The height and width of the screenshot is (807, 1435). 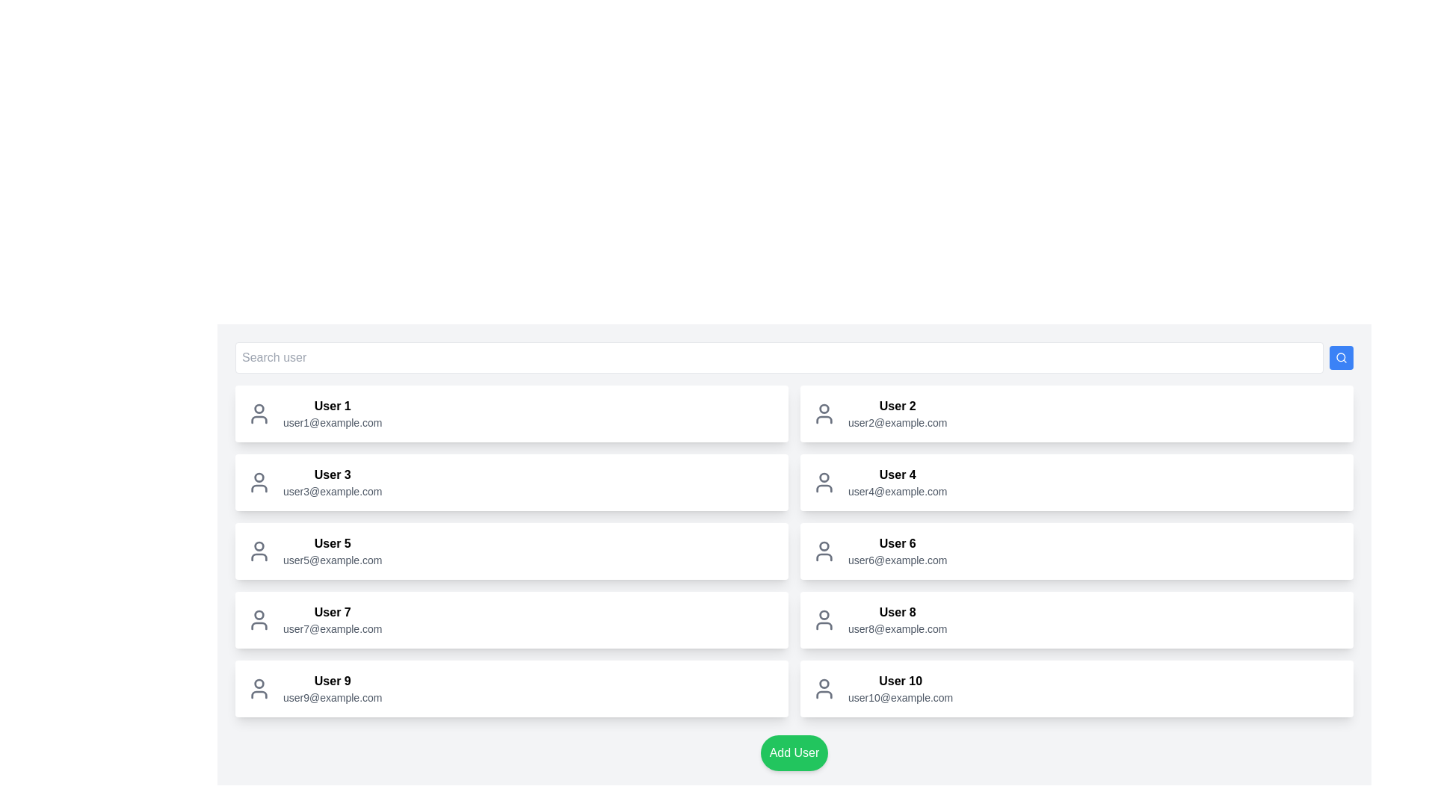 I want to click on the circular graphic indicating the user profile of 'User 7' in the user list, so click(x=259, y=614).